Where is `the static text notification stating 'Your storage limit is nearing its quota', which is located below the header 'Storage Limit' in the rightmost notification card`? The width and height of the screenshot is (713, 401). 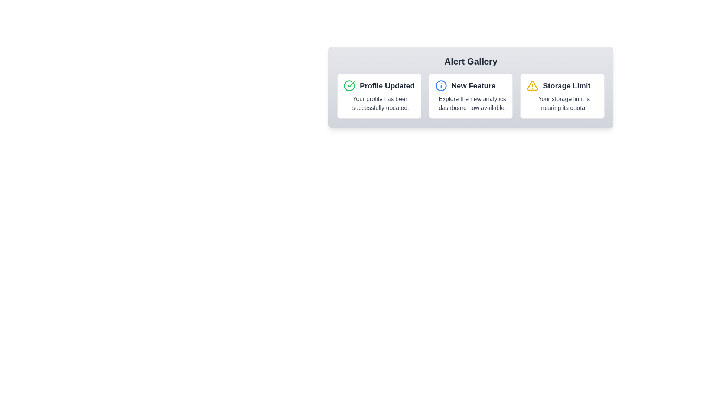
the static text notification stating 'Your storage limit is nearing its quota', which is located below the header 'Storage Limit' in the rightmost notification card is located at coordinates (564, 103).